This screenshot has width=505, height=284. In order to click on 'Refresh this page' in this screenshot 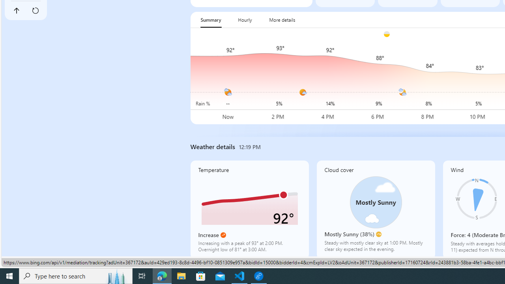, I will do `click(35, 11)`.